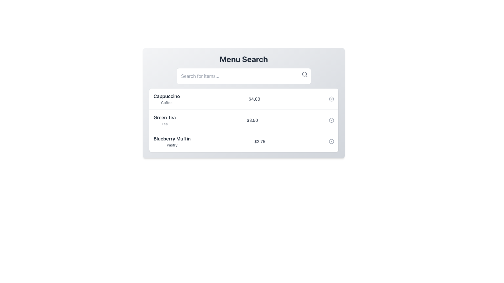 This screenshot has height=283, width=504. What do you see at coordinates (305, 74) in the screenshot?
I see `the search icon, which is a gray magnifying glass located at the top-right corner of the search bar` at bounding box center [305, 74].